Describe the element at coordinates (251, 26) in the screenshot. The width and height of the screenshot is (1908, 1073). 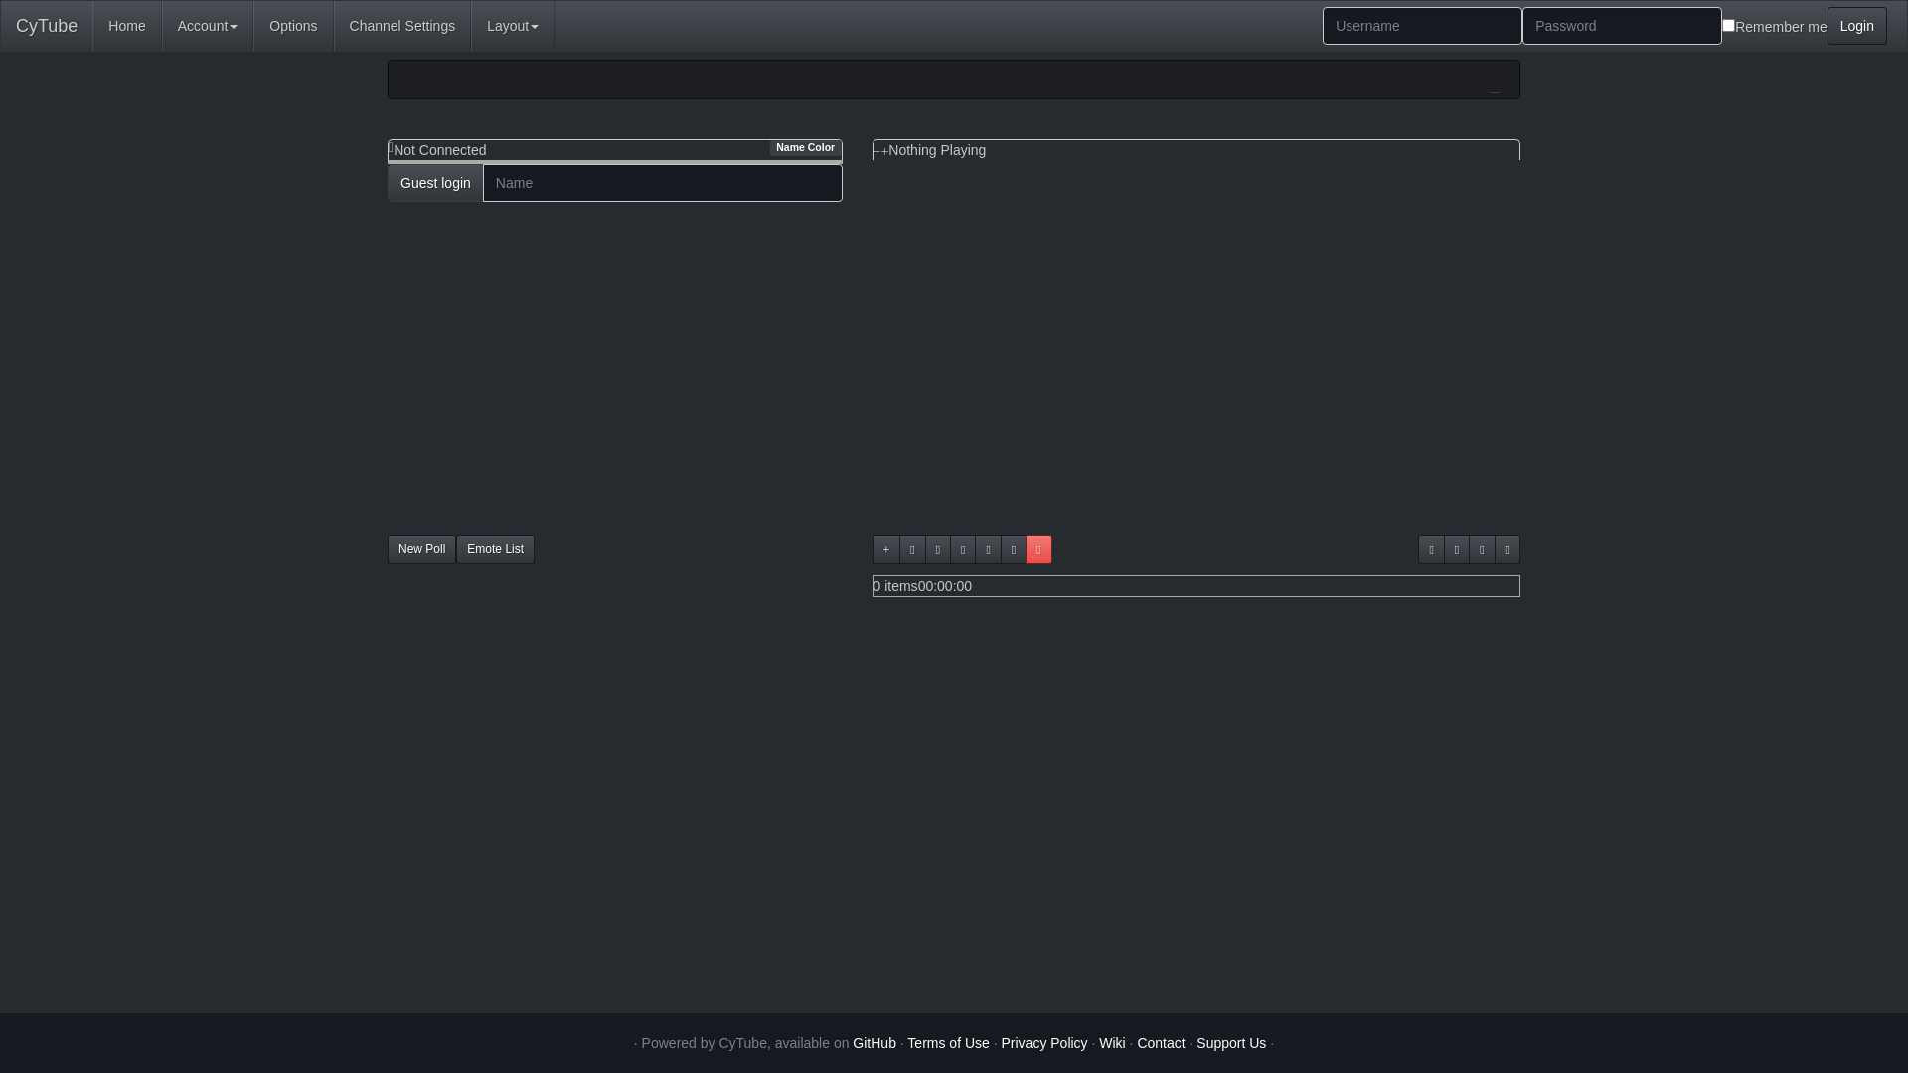
I see `'Options'` at that location.